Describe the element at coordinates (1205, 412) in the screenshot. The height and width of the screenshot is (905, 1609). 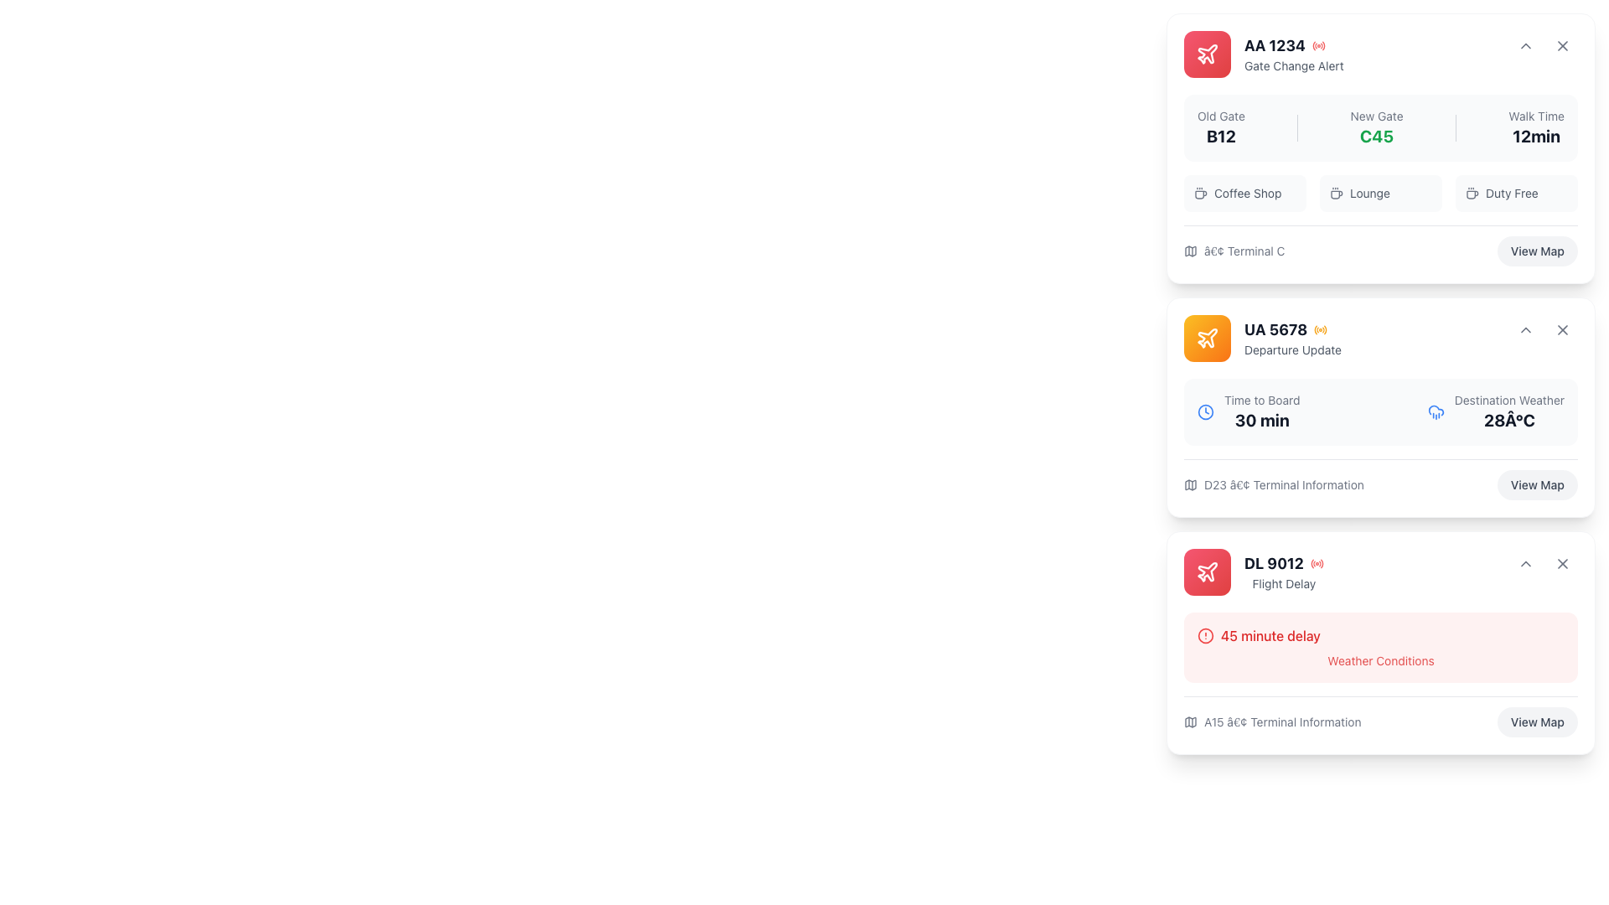
I see `the icon representing time, located on the left side of the 'Time to Board' text in the 'Departure Update' card for flight UA 5678` at that location.